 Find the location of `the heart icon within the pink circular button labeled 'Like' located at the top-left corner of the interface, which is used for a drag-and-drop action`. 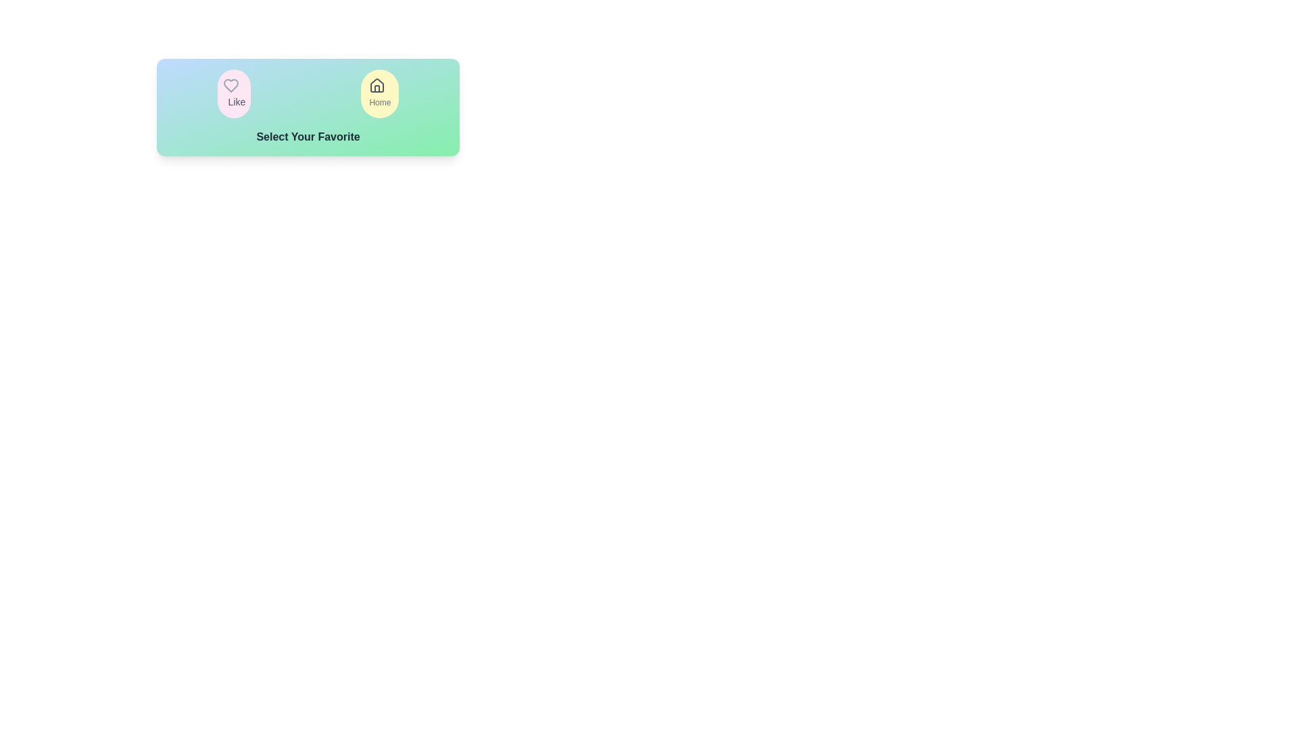

the heart icon within the pink circular button labeled 'Like' located at the top-left corner of the interface, which is used for a drag-and-drop action is located at coordinates (231, 86).